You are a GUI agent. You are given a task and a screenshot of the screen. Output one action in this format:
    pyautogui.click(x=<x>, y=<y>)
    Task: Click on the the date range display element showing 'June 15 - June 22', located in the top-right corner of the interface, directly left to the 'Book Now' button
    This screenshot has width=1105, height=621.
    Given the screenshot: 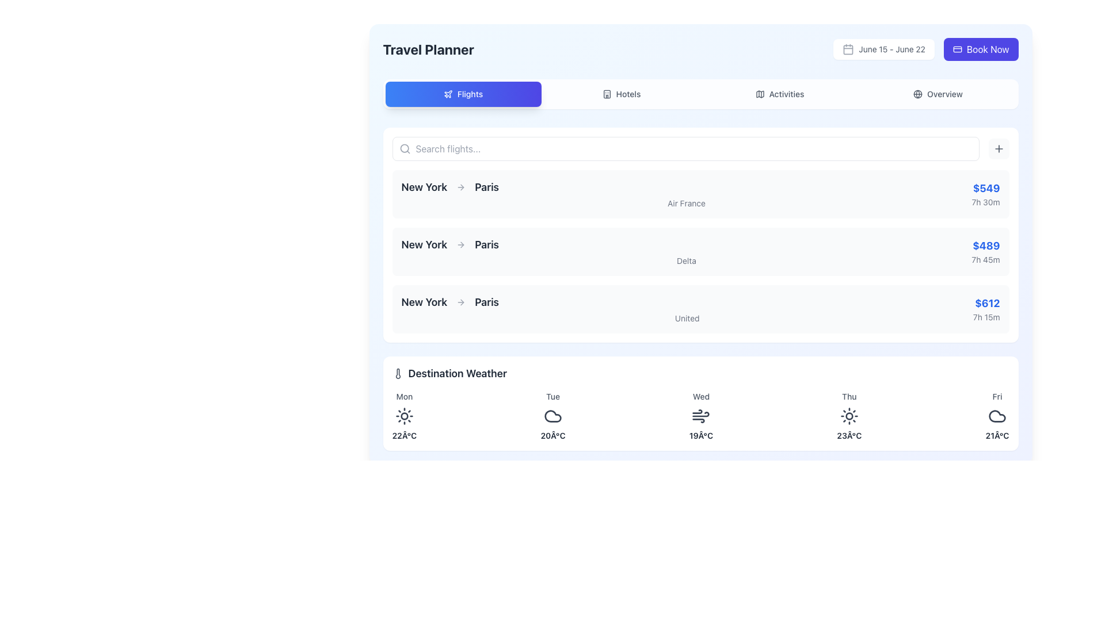 What is the action you would take?
    pyautogui.click(x=925, y=48)
    